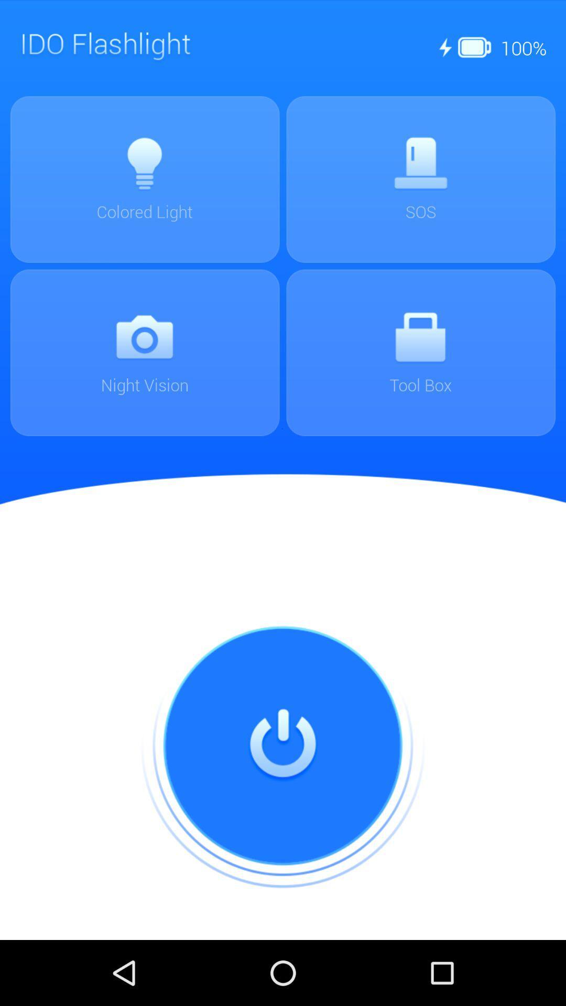 Image resolution: width=566 pixels, height=1006 pixels. Describe the element at coordinates (283, 746) in the screenshot. I see `on` at that location.